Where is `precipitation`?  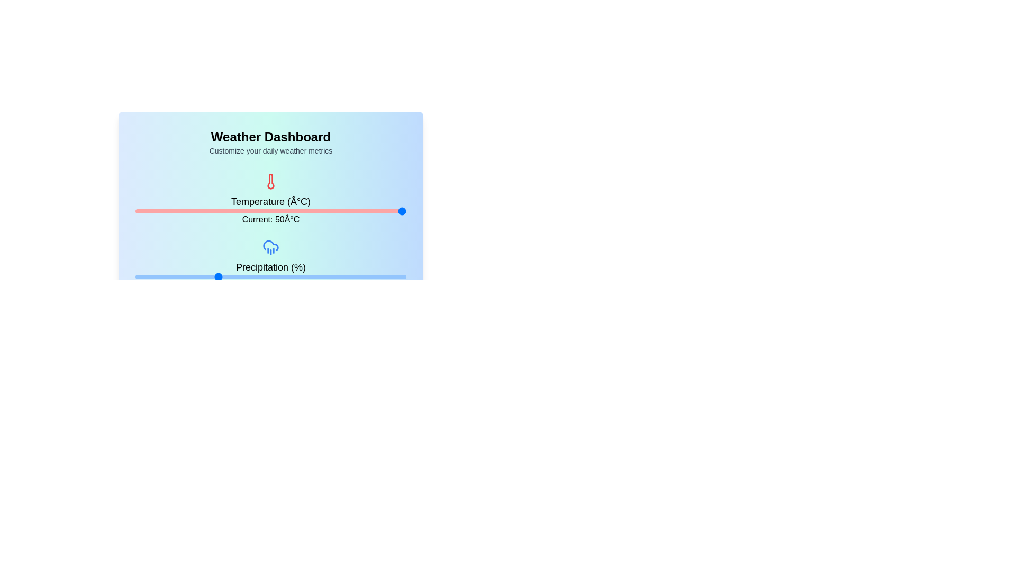 precipitation is located at coordinates (324, 276).